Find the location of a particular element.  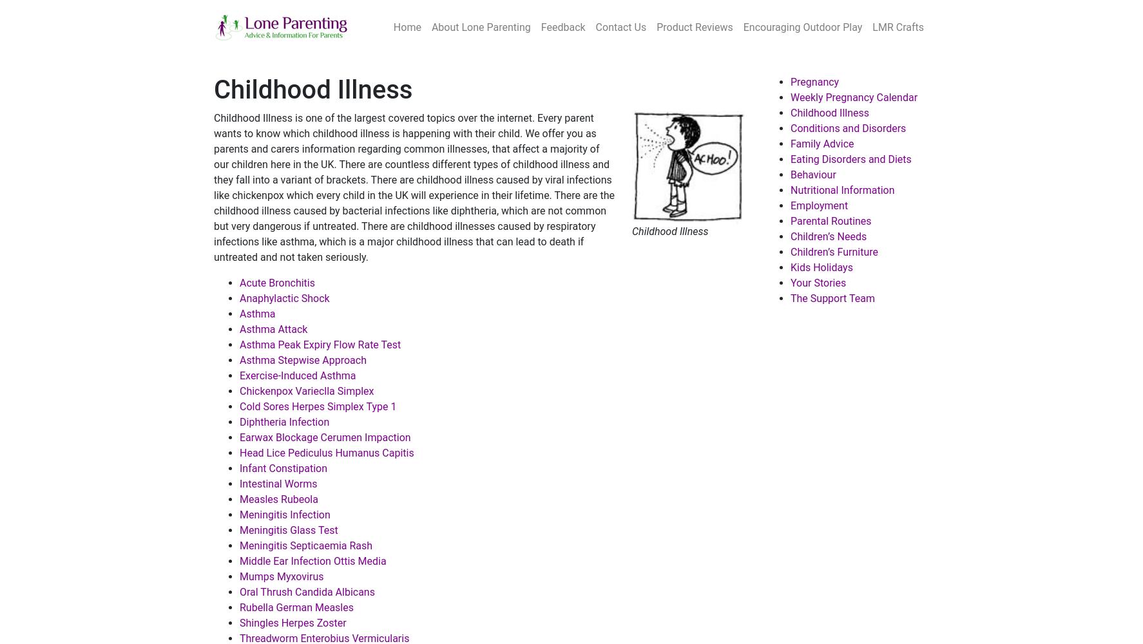

'Feedback' is located at coordinates (562, 27).